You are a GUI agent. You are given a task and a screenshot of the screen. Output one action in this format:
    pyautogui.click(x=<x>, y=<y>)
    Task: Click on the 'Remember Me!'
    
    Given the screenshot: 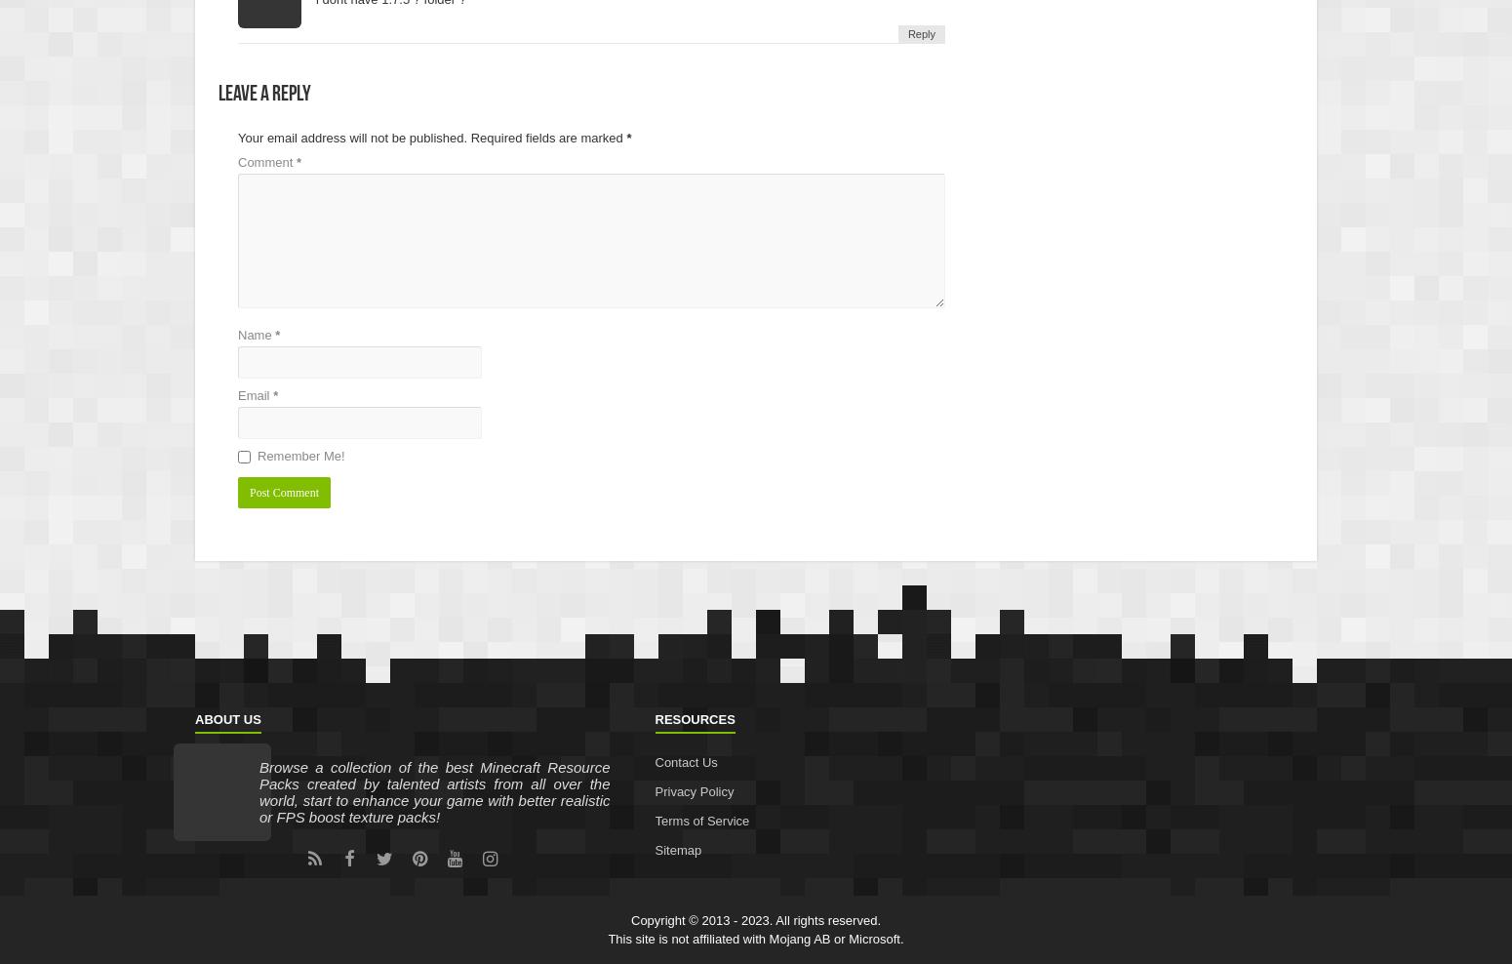 What is the action you would take?
    pyautogui.click(x=300, y=455)
    